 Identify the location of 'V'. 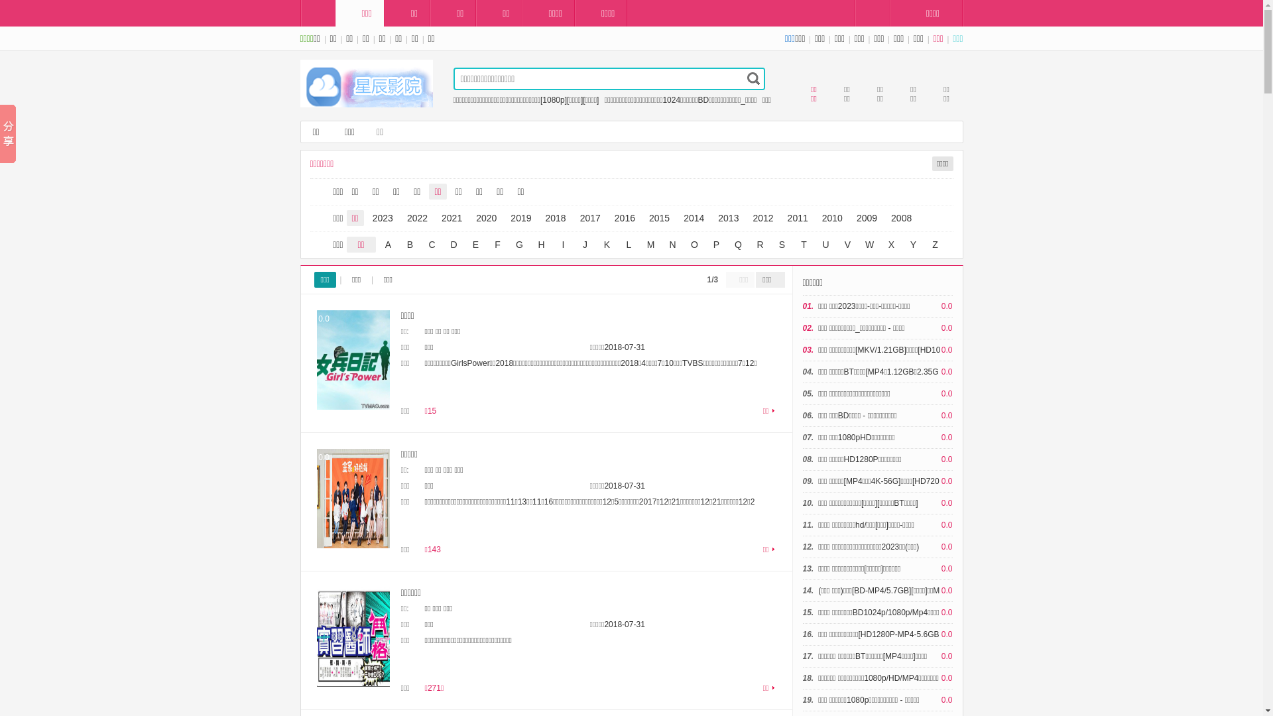
(846, 245).